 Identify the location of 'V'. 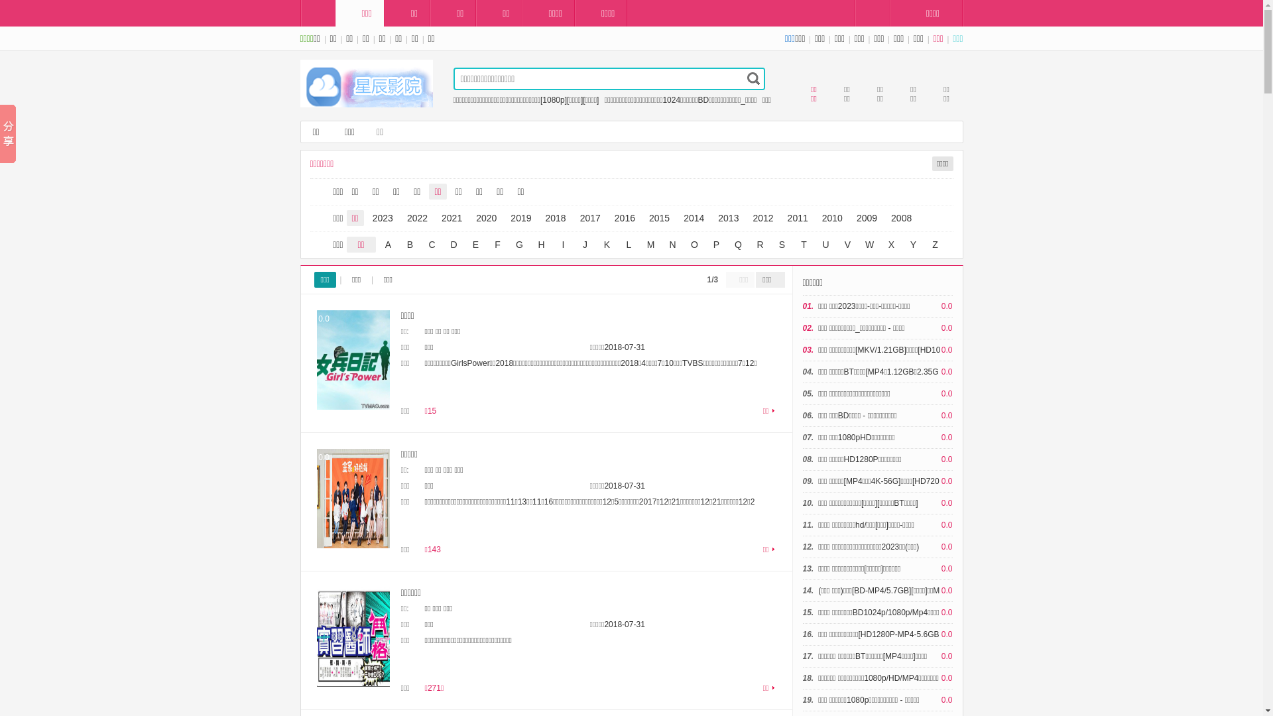
(846, 245).